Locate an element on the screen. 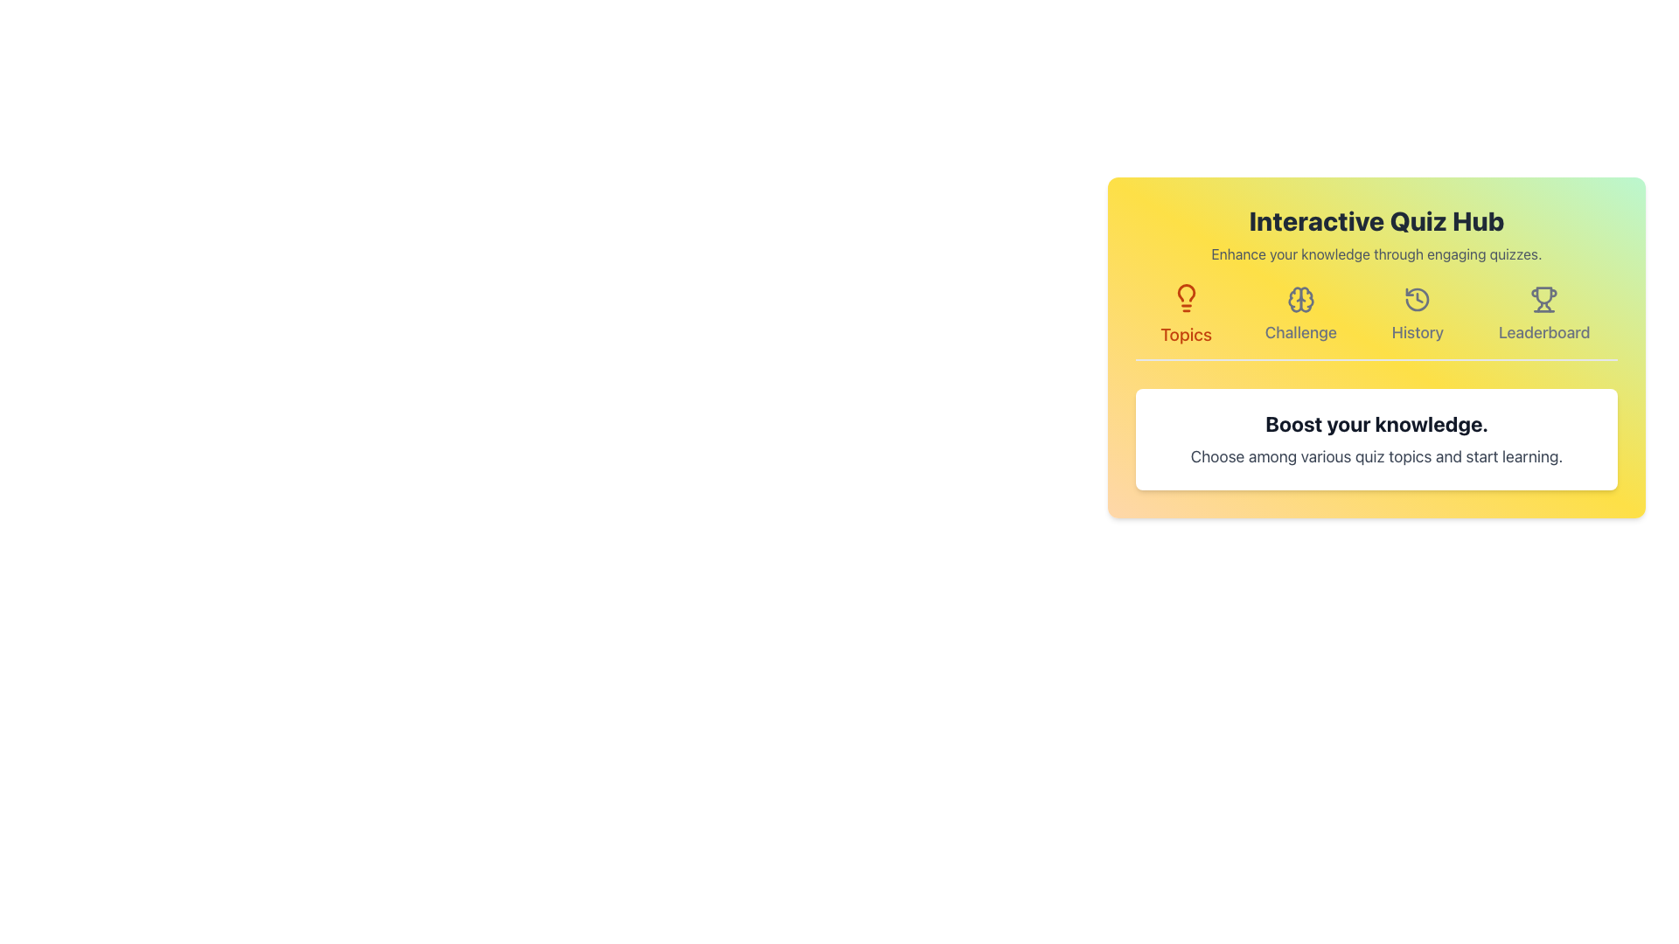 The width and height of the screenshot is (1679, 944). text block styled in medium-large gray font, located below the bold header 'Boost your knowledge.' within the right-center card is located at coordinates (1376, 456).